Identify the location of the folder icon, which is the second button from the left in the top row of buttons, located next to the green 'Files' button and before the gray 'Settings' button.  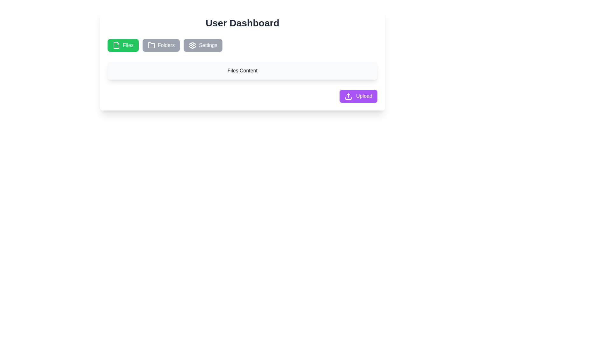
(151, 45).